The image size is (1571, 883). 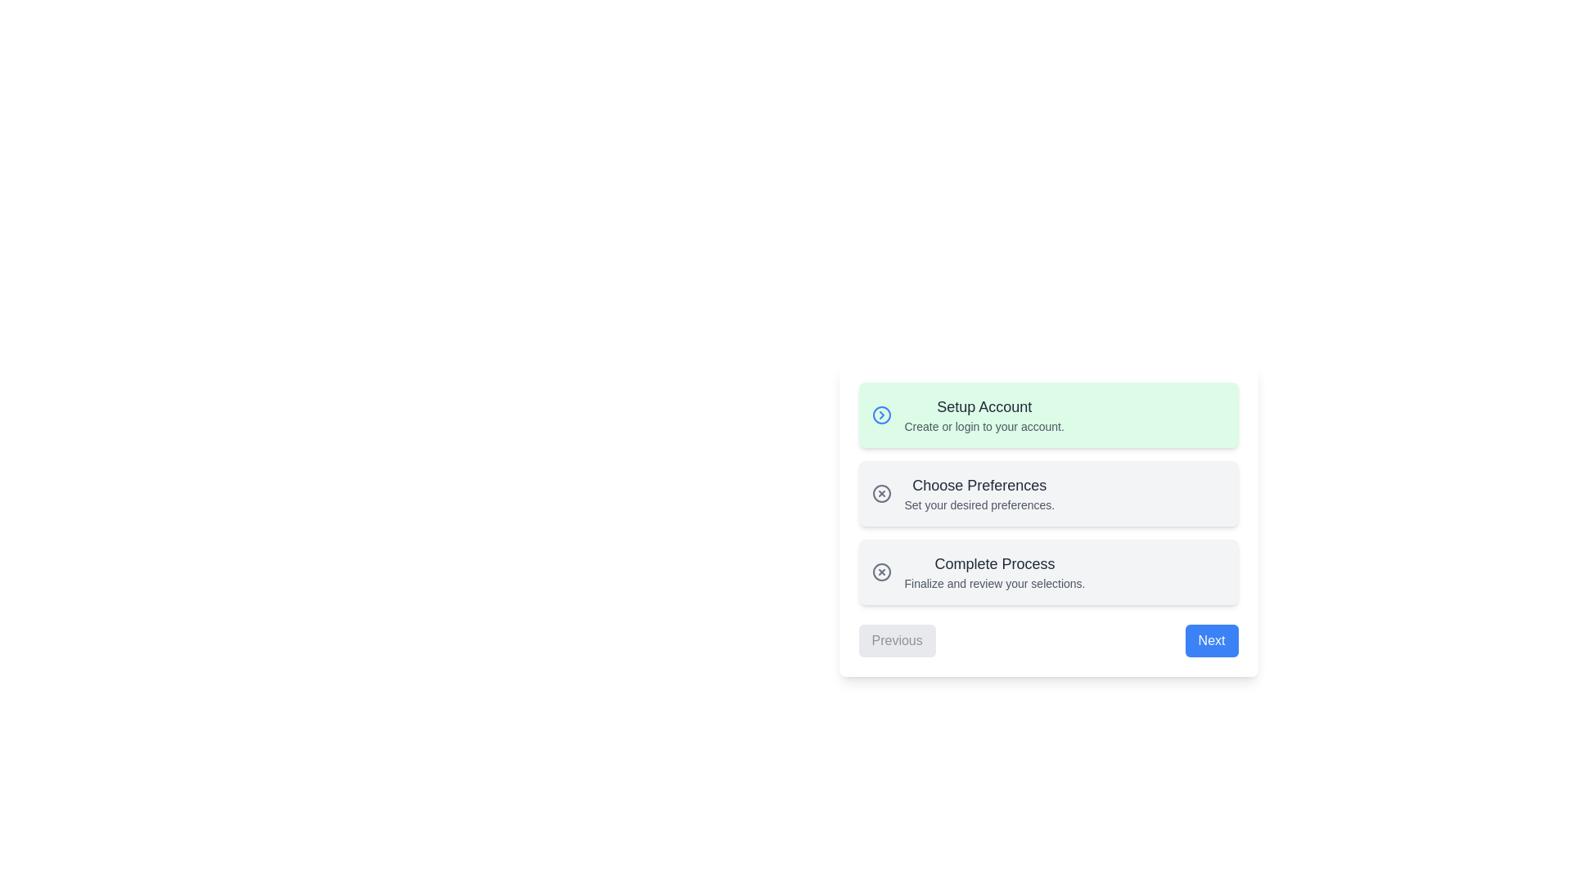 What do you see at coordinates (1212, 639) in the screenshot?
I see `the navigation button located at the bottom-right corner of the interface to progress to the next step or page` at bounding box center [1212, 639].